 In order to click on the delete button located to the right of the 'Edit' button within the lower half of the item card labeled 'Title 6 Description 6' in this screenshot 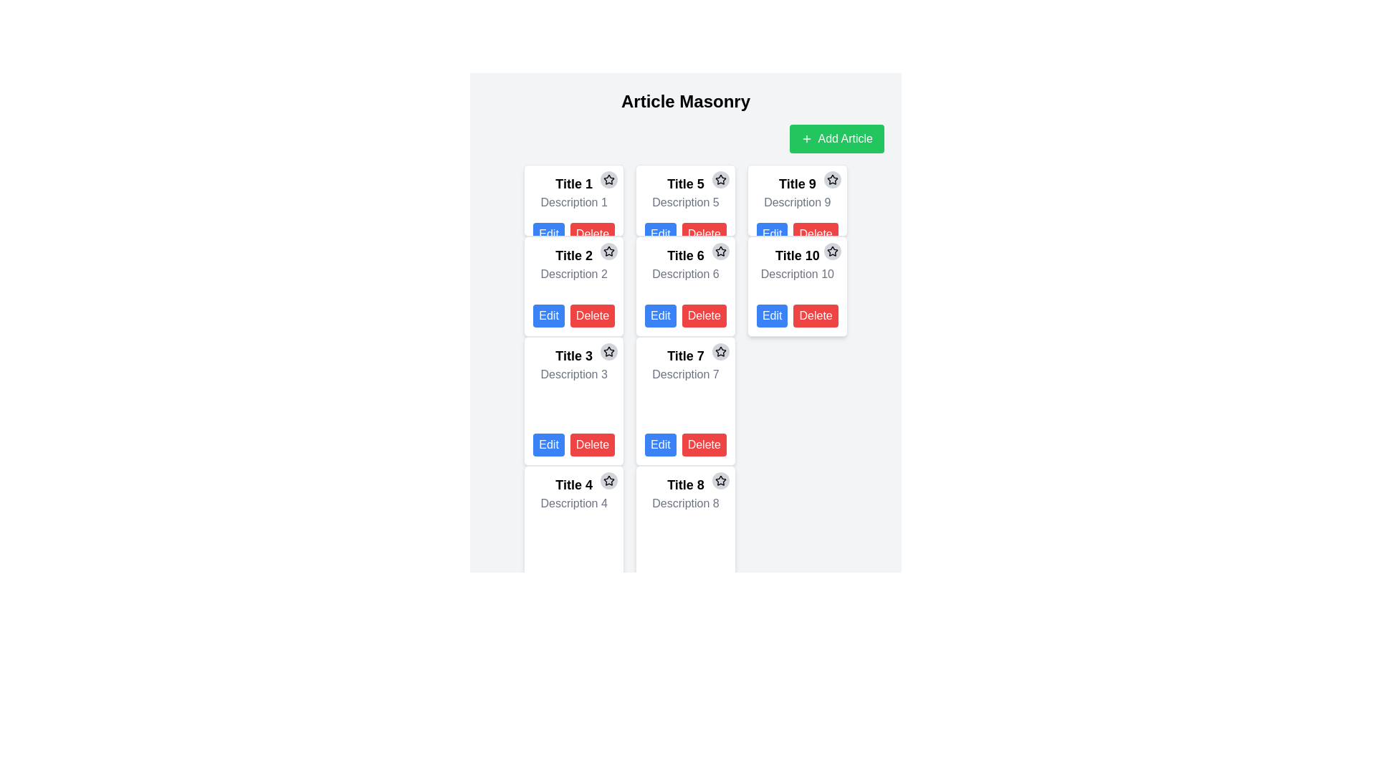, I will do `click(704, 444)`.